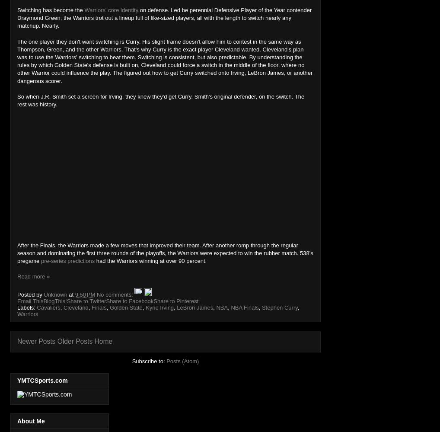 Image resolution: width=440 pixels, height=432 pixels. I want to click on 'had the Warriors winning at over 90 percent.', so click(150, 261).